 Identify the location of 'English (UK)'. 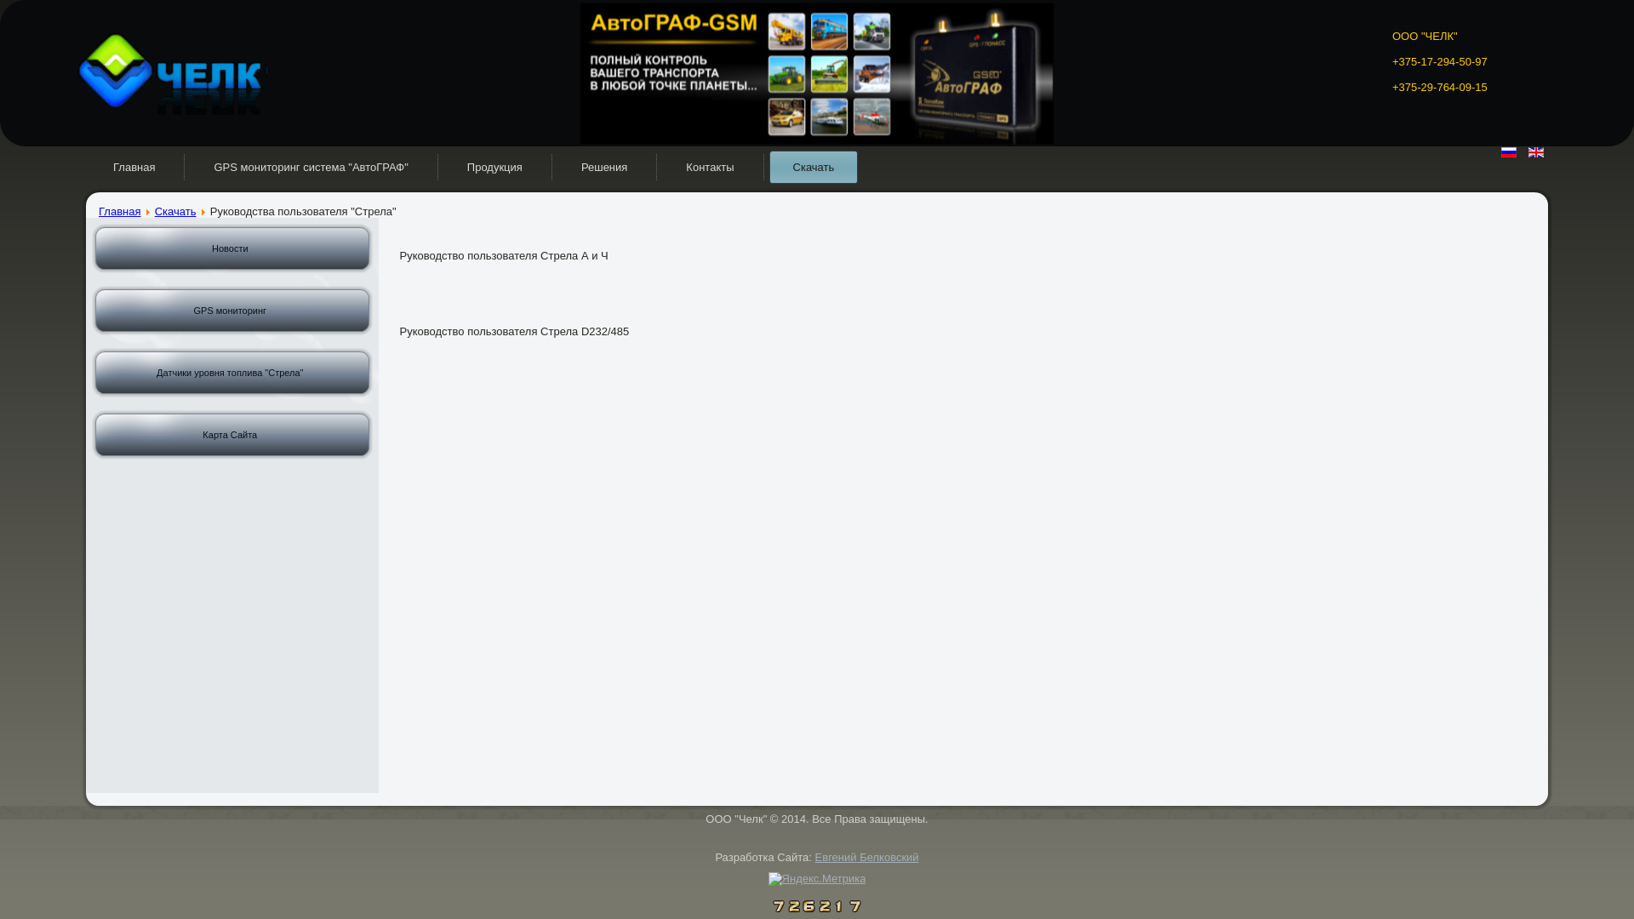
(1535, 151).